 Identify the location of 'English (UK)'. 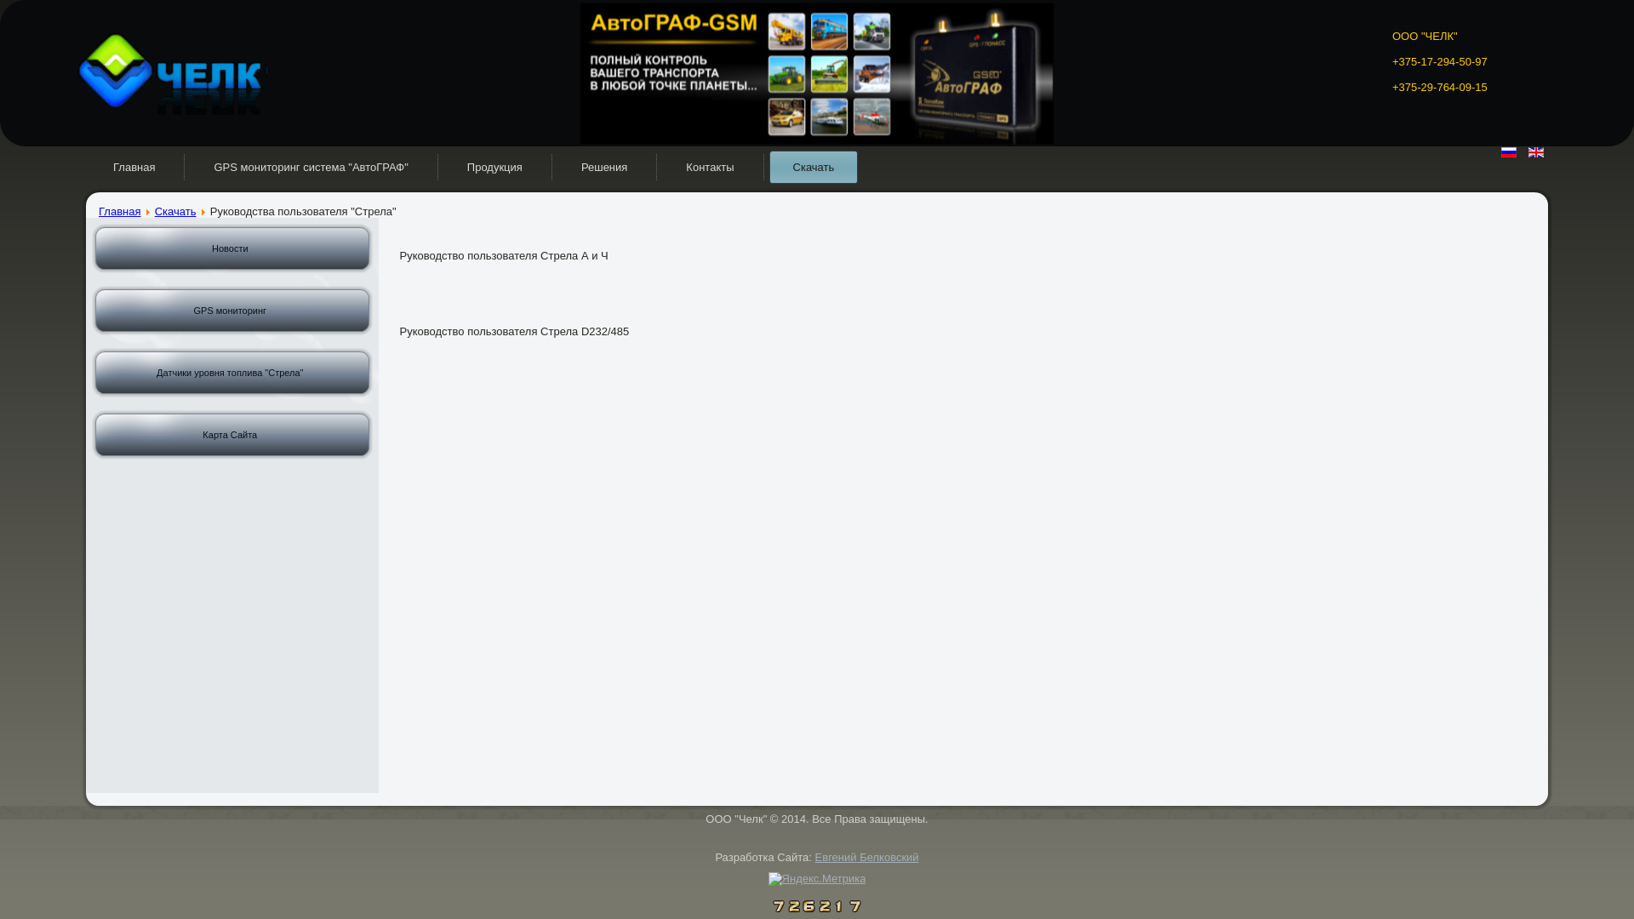
(1535, 151).